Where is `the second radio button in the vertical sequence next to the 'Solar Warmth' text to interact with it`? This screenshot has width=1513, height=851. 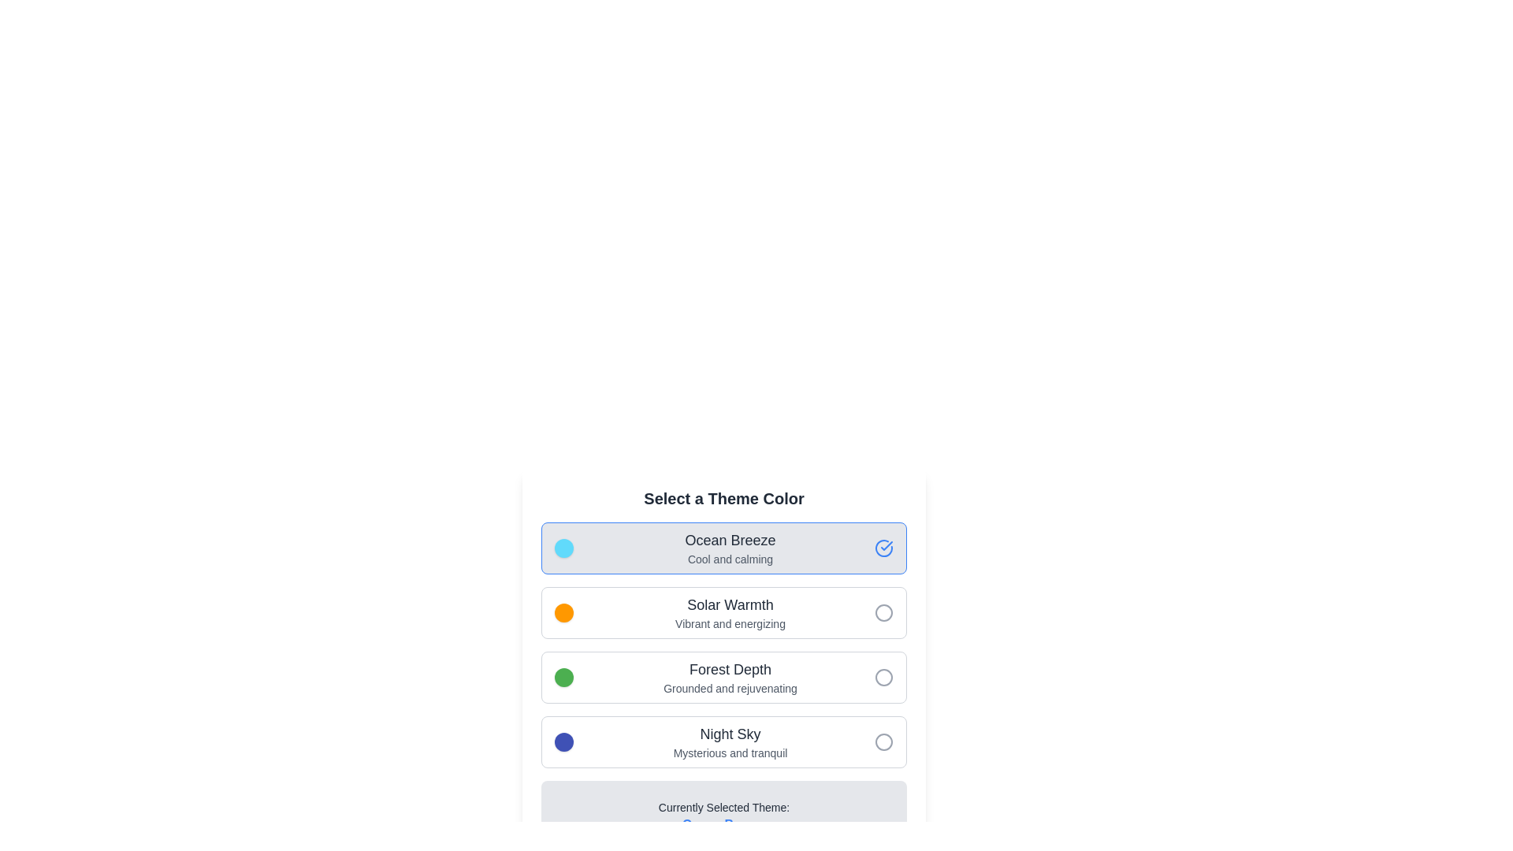 the second radio button in the vertical sequence next to the 'Solar Warmth' text to interact with it is located at coordinates (884, 612).